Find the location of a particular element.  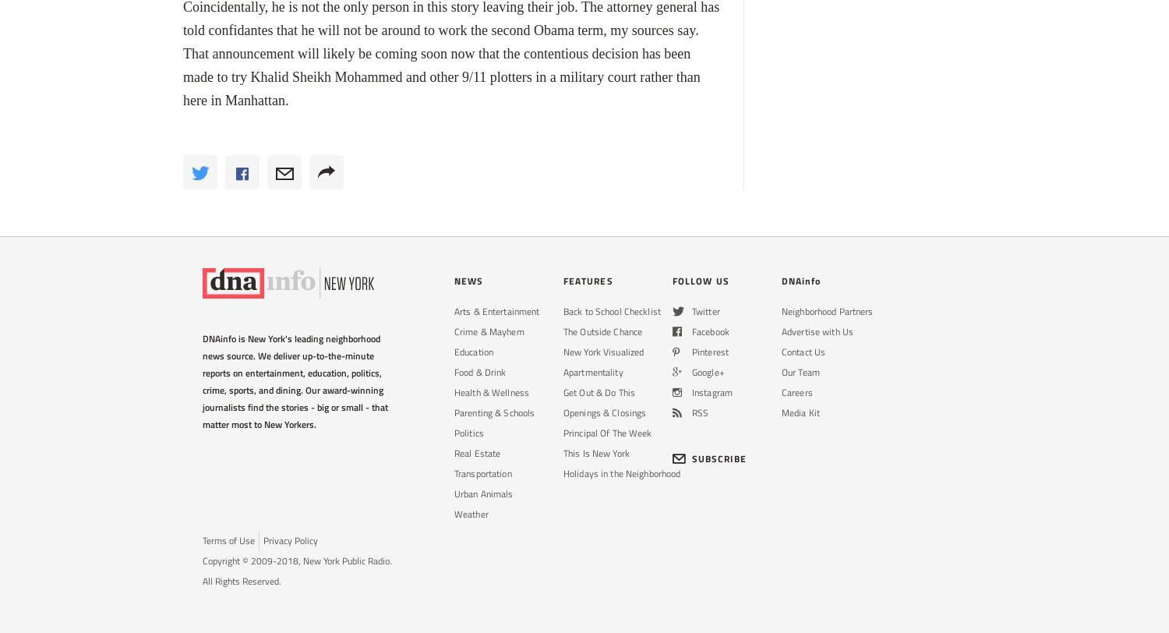

'RSS' is located at coordinates (700, 412).